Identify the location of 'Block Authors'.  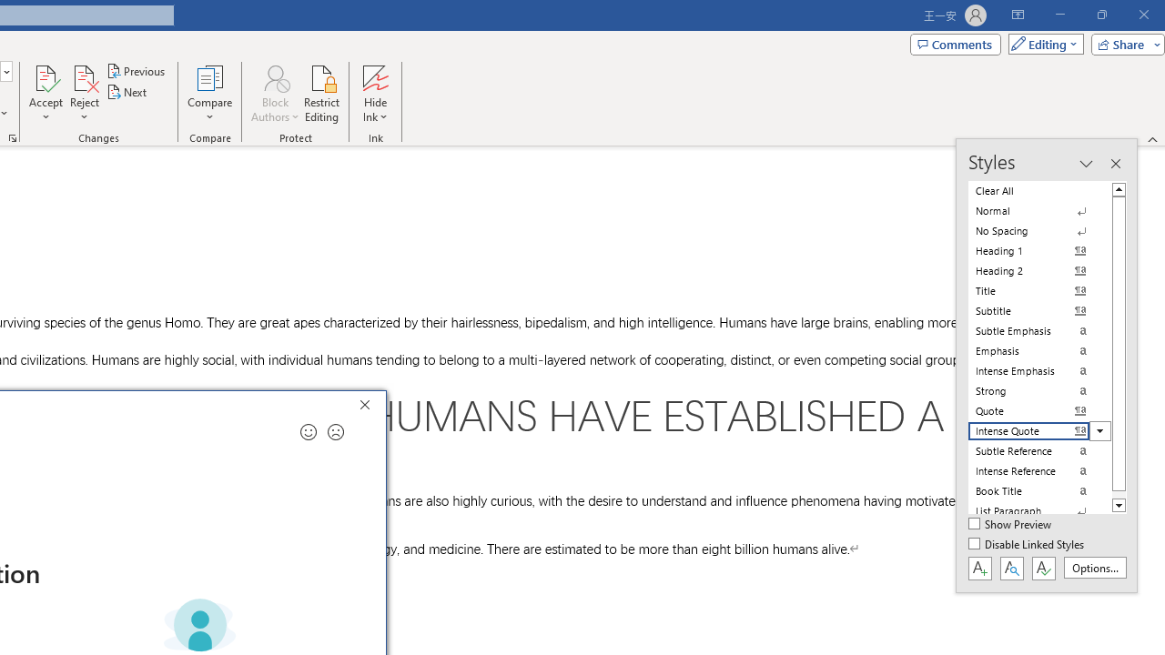
(274, 76).